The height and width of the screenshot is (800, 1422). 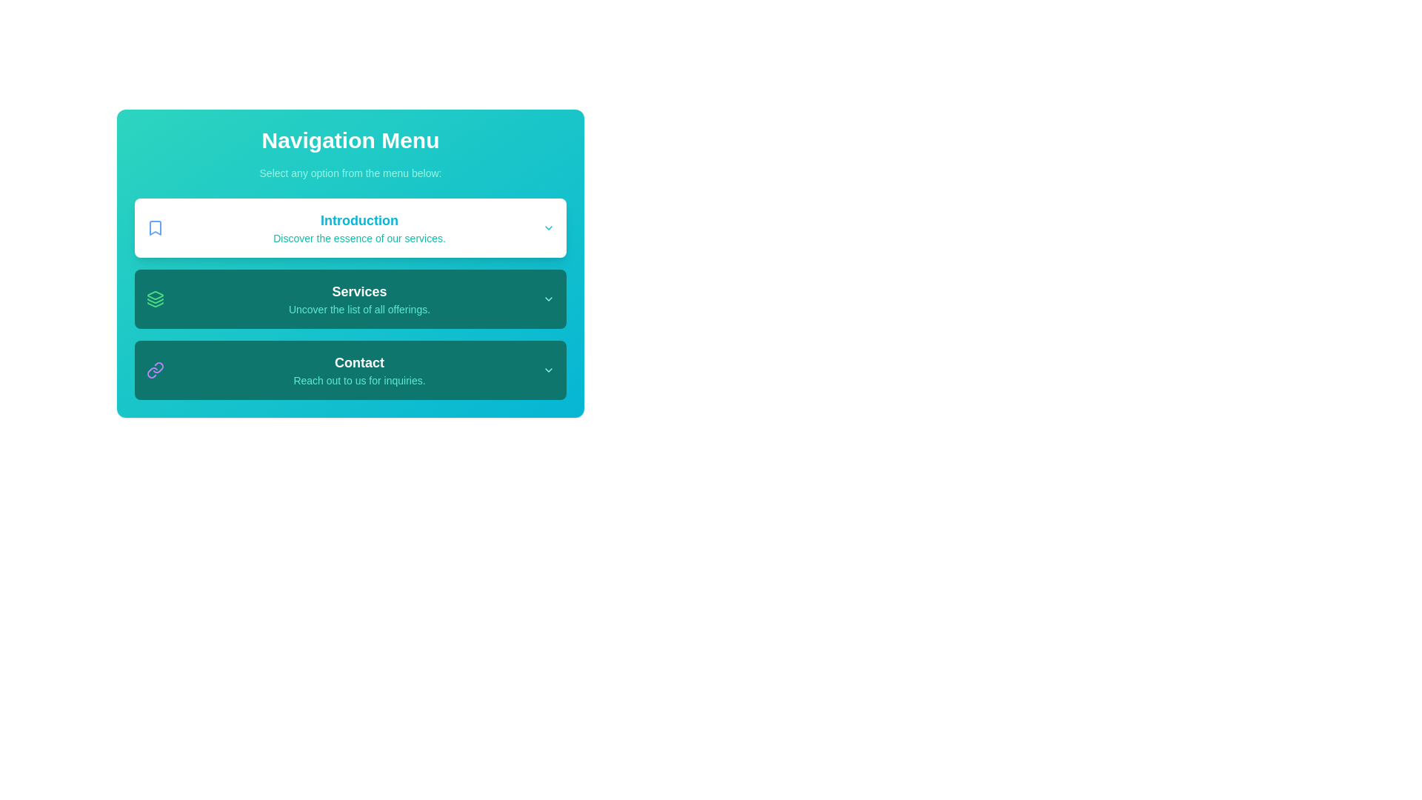 What do you see at coordinates (359, 308) in the screenshot?
I see `the description text located directly below the 'Services' header in the navigation menu to provide additional information to the user` at bounding box center [359, 308].